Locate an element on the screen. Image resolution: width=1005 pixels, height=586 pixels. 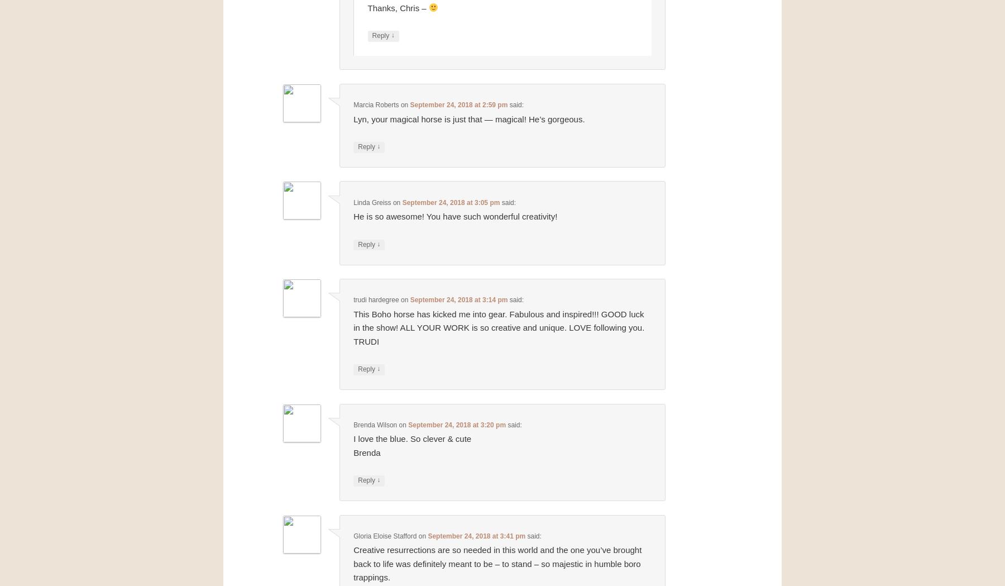
'This Boho horse has kicked me into gear. Fabulous and inspired!!! GOOD luck in the show!  ALL  YOUR WORK  is so creative and unique. LOVE following you. TRUDI' is located at coordinates (353, 326).